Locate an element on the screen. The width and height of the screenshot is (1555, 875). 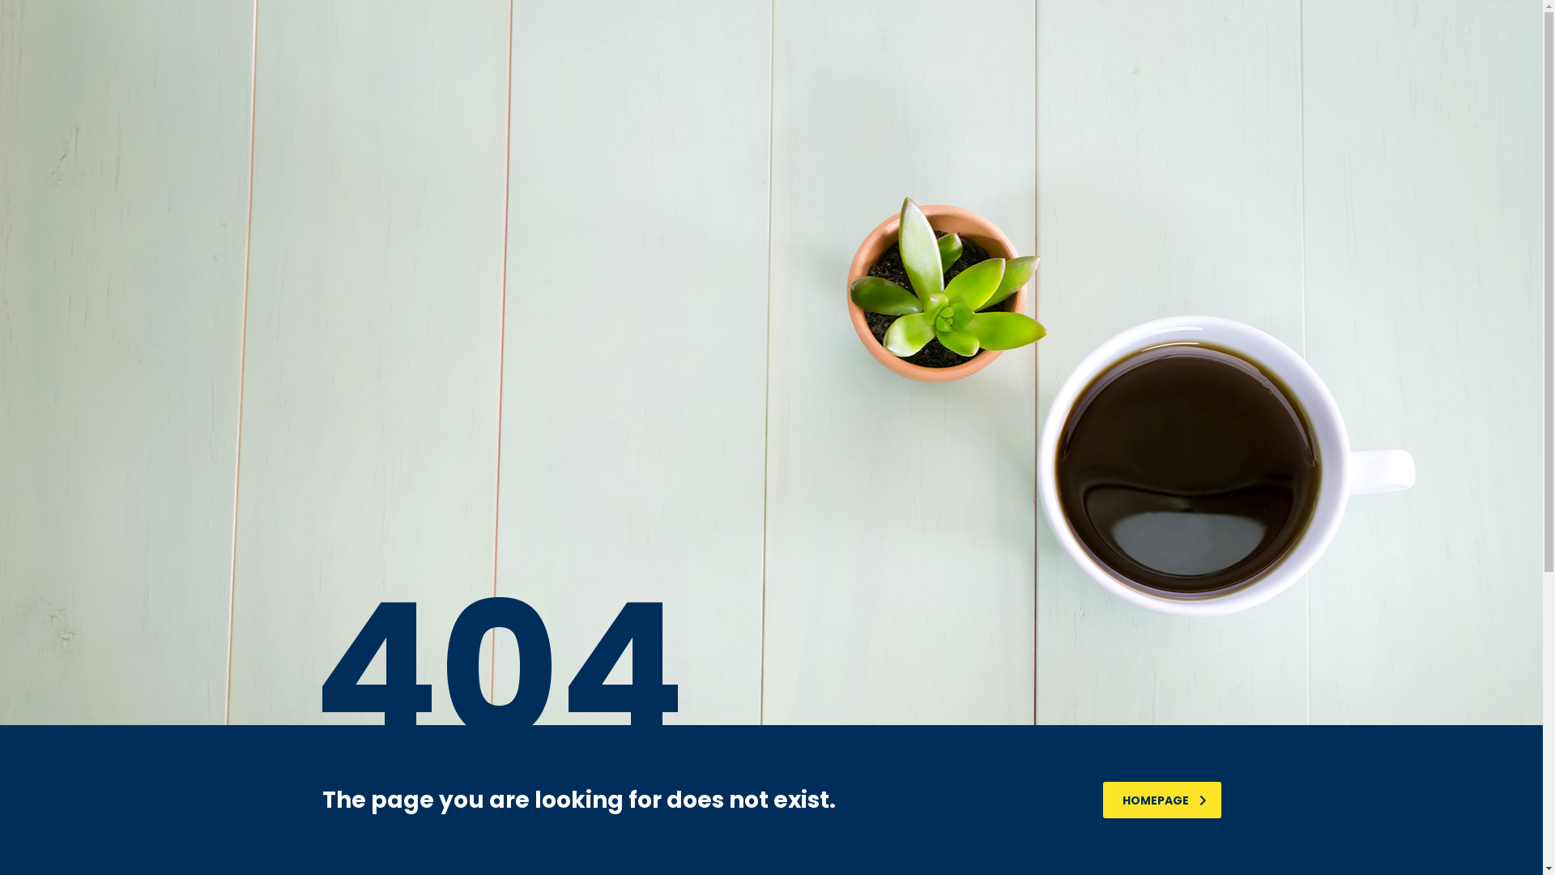
'HOMEPAGE' is located at coordinates (1102, 799).